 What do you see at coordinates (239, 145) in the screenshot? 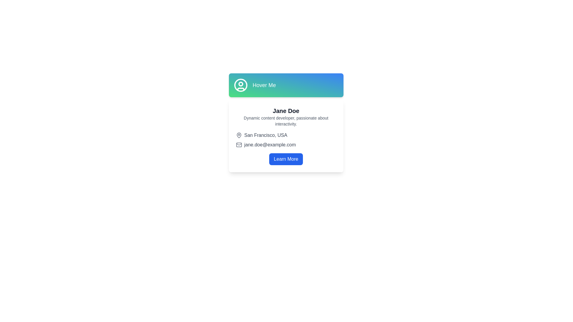
I see `the shape within the mail icon, which serves as a background for the email feature in the profile card layout` at bounding box center [239, 145].